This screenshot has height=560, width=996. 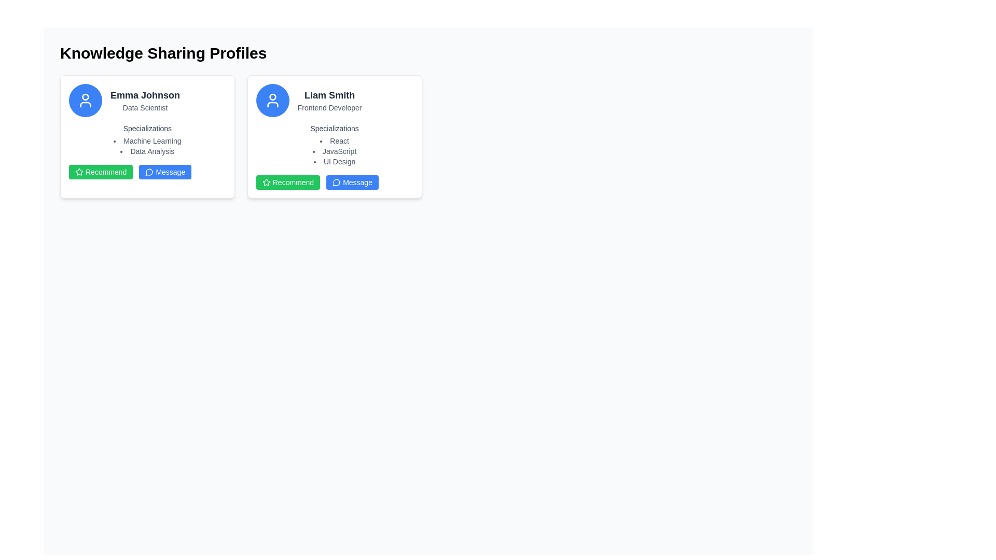 What do you see at coordinates (266, 181) in the screenshot?
I see `the star icon within the 'Recommend' button on Liam Smith's profile card, which symbolizes positive feedback and is located to the left of the 'Recommend' text label` at bounding box center [266, 181].